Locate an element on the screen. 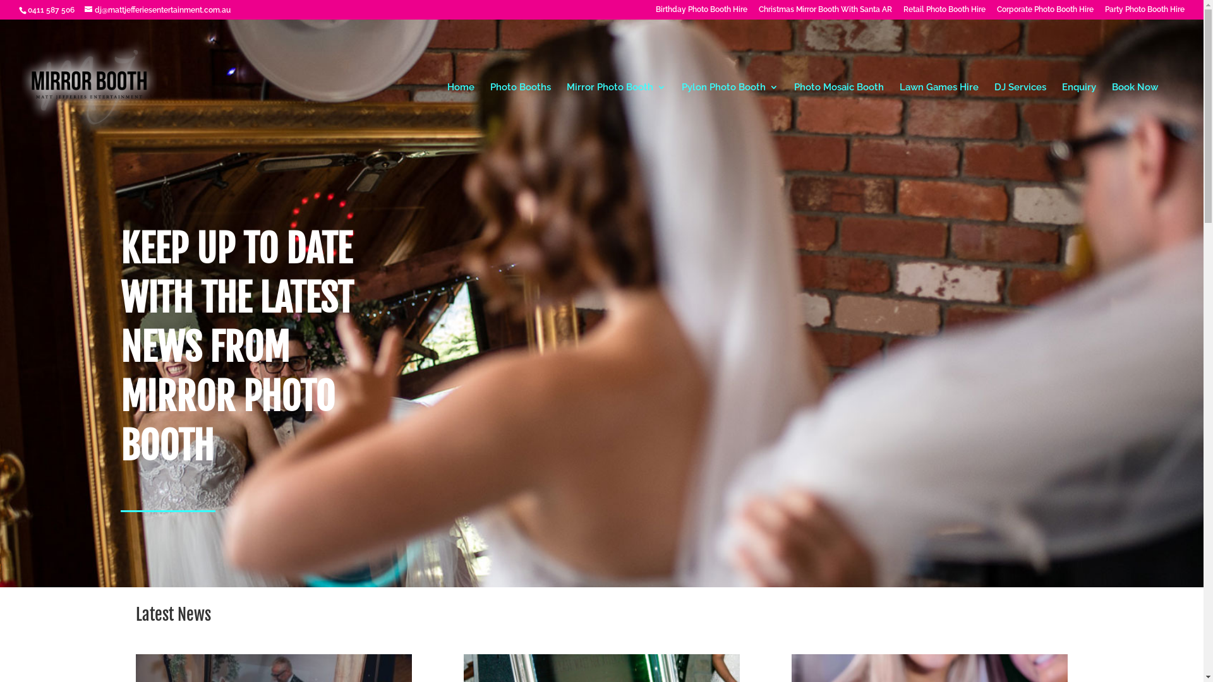  'Retail Photo Booth Hire' is located at coordinates (944, 12).